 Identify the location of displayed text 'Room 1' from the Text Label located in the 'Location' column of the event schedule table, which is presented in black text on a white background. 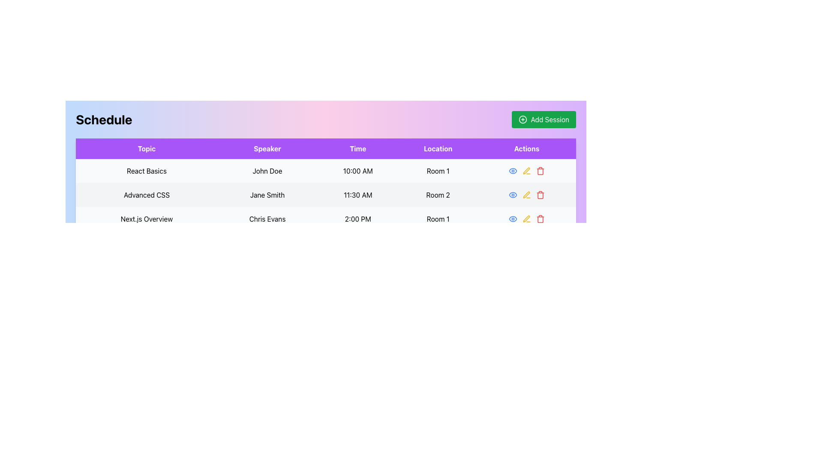
(438, 171).